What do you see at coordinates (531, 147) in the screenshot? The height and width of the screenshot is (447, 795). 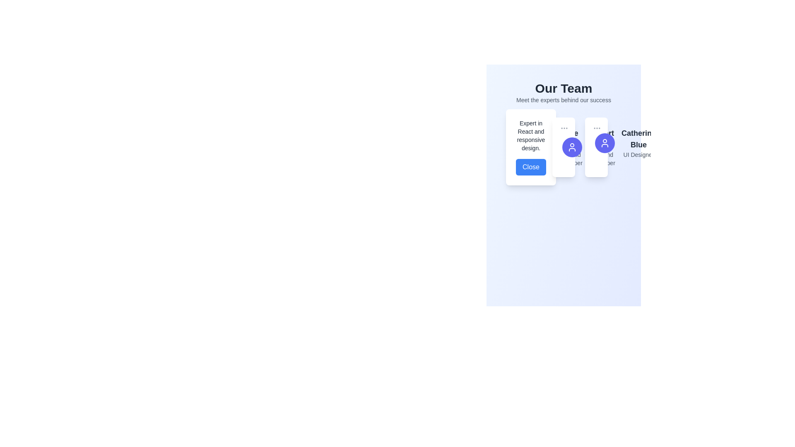 I see `the card containing the text 'Expert in React and responsive design.' and the blue 'Close' button for visual interaction` at bounding box center [531, 147].